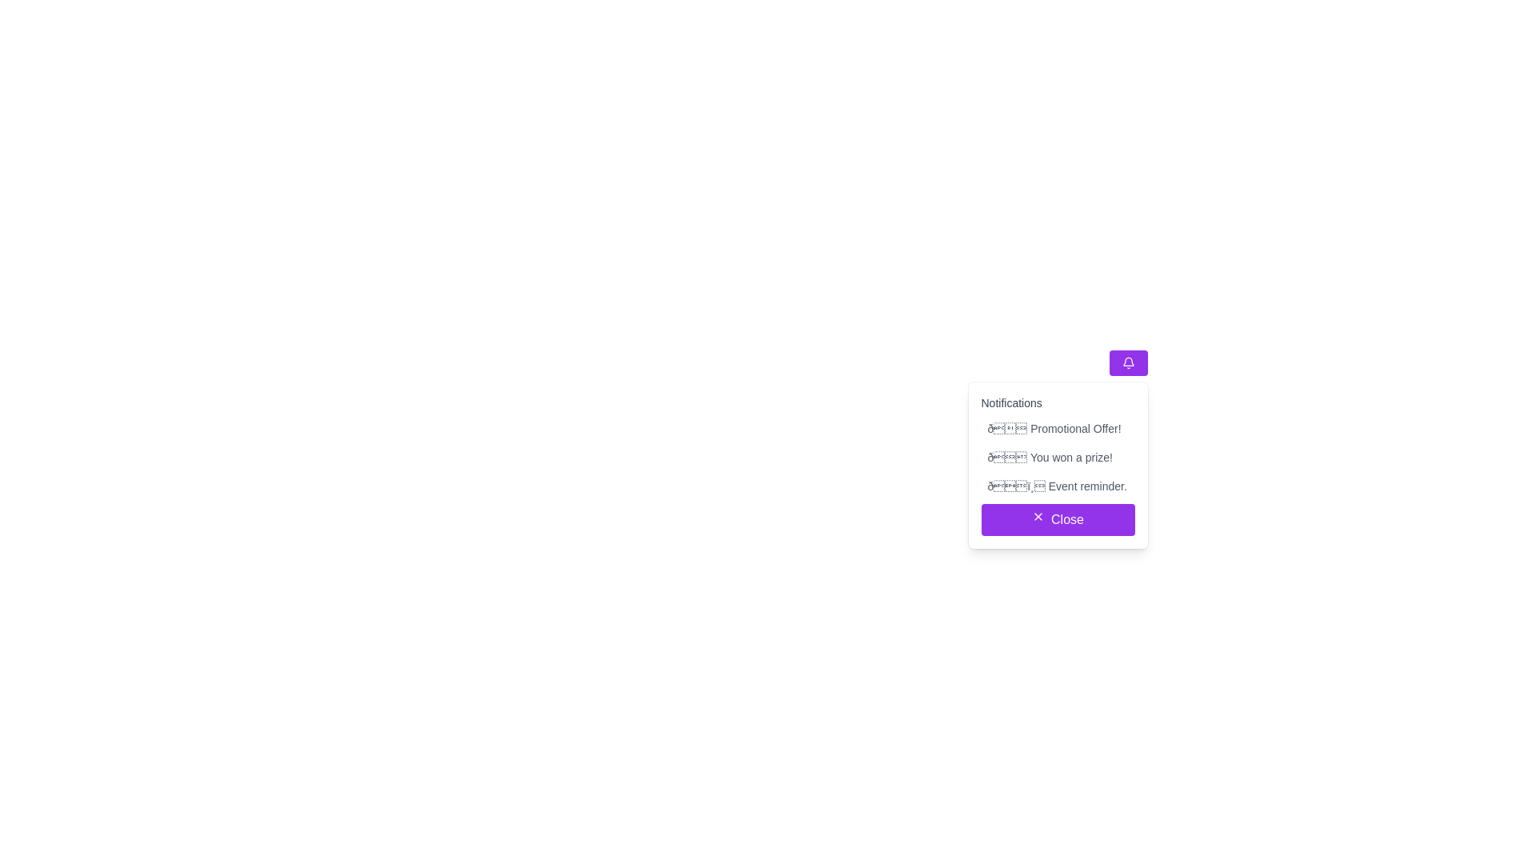 The height and width of the screenshot is (864, 1536). I want to click on the button at the top-right corner of the notification panel, so click(1127, 363).